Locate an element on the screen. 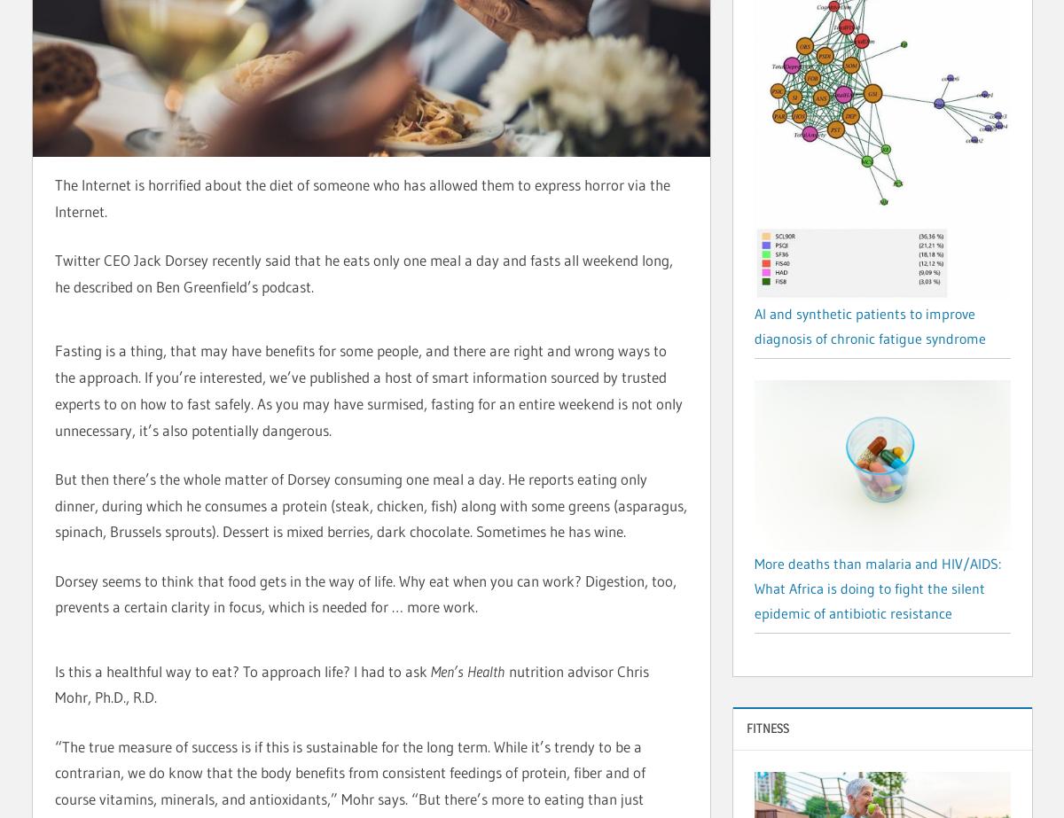 This screenshot has width=1064, height=818. 'Dorsey seems to think that food gets in the way of life. Why eat when you can work? Digestion, too, prevents a certain clarity in focus, which is needed for … more work.' is located at coordinates (365, 592).